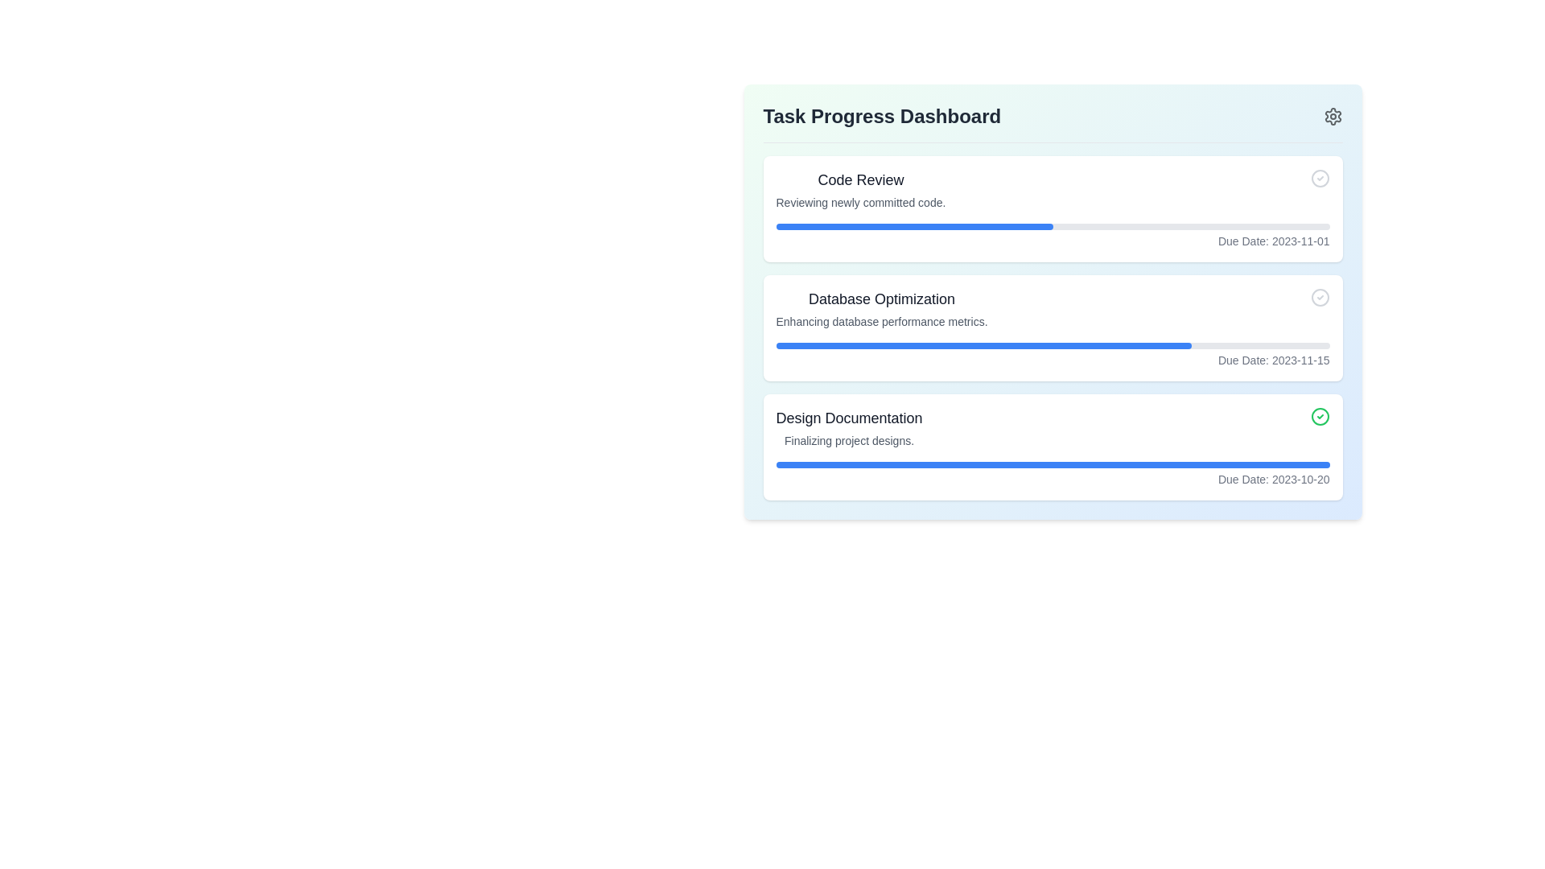 The width and height of the screenshot is (1545, 869). What do you see at coordinates (1053, 226) in the screenshot?
I see `the progress bar that visually represents the completion progress of the 'Code Review' task located in the task progress dashboard` at bounding box center [1053, 226].